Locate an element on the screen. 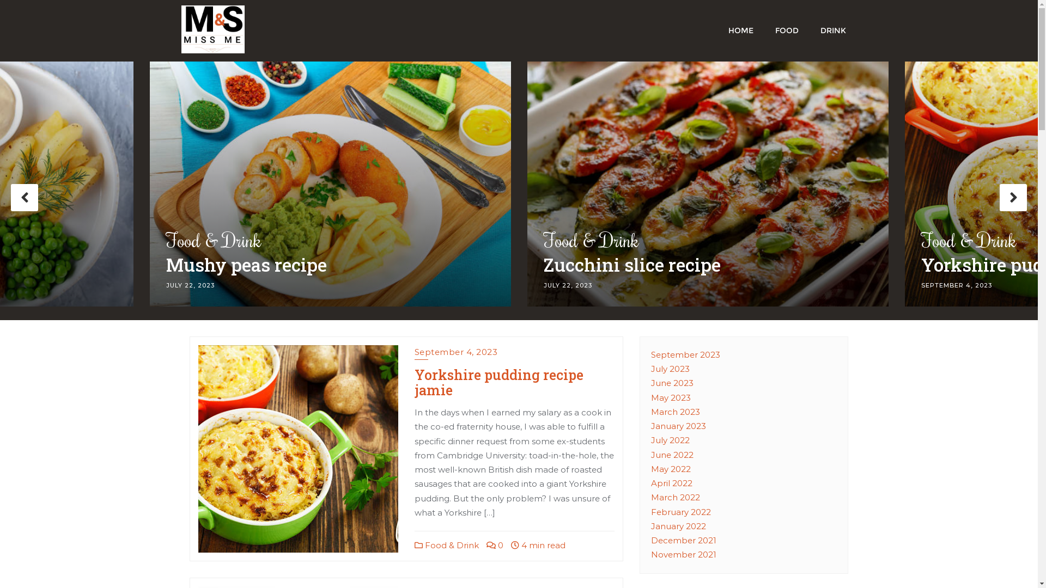 Image resolution: width=1046 pixels, height=588 pixels. 'September 2023' is located at coordinates (685, 354).